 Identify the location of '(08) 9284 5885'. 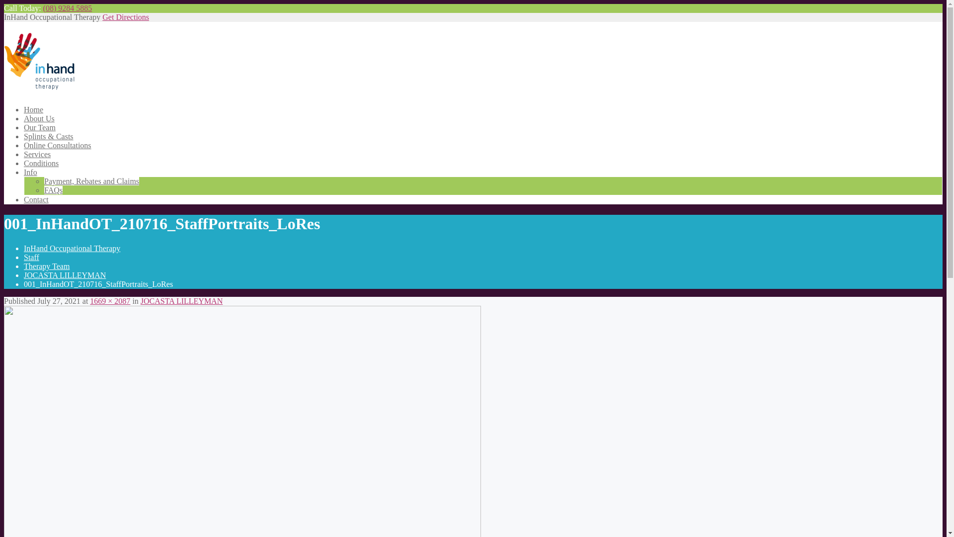
(67, 8).